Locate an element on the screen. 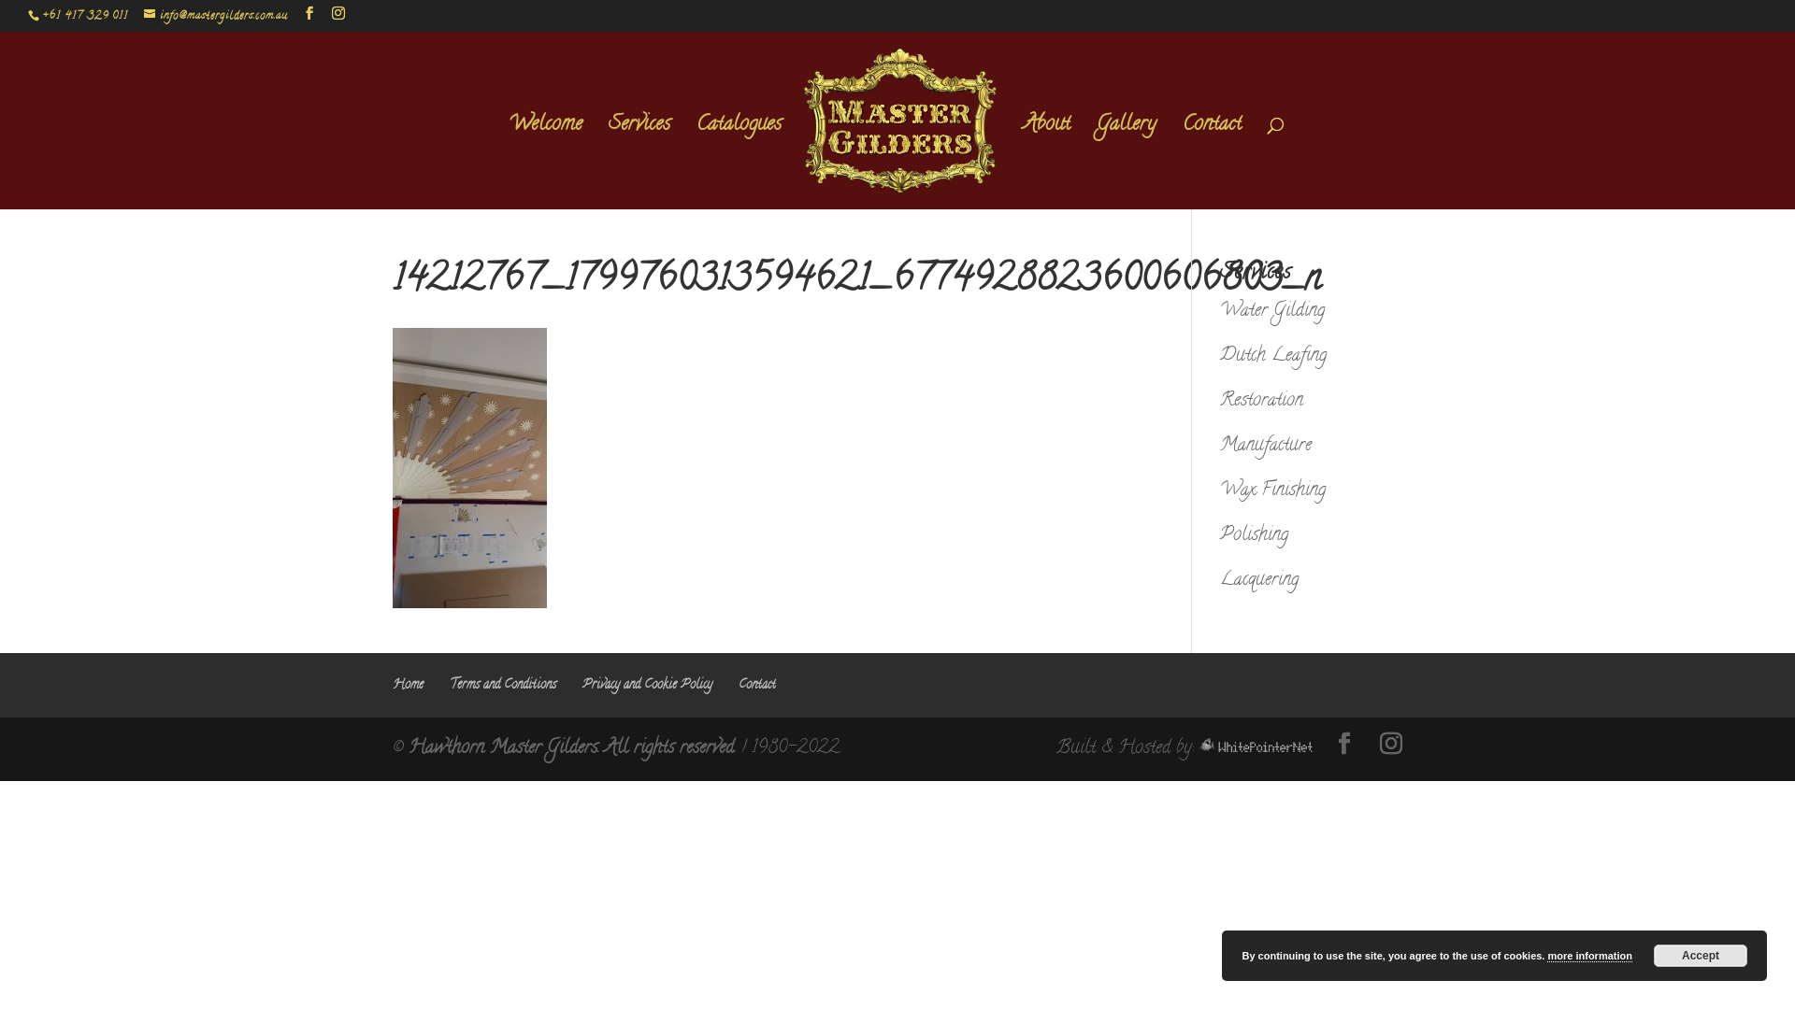 The height and width of the screenshot is (1009, 1795). 'Manufacture' is located at coordinates (1265, 446).